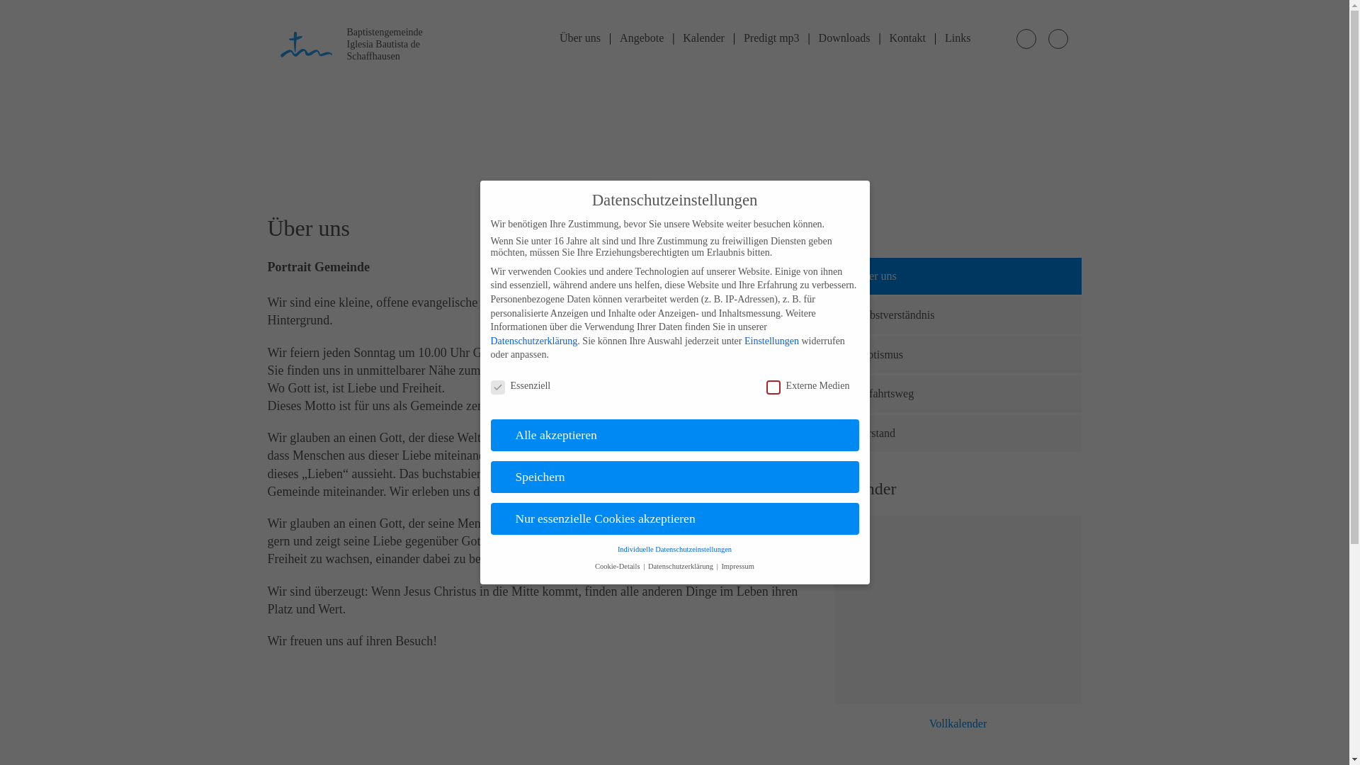  What do you see at coordinates (673, 434) in the screenshot?
I see `'Alle akzeptieren'` at bounding box center [673, 434].